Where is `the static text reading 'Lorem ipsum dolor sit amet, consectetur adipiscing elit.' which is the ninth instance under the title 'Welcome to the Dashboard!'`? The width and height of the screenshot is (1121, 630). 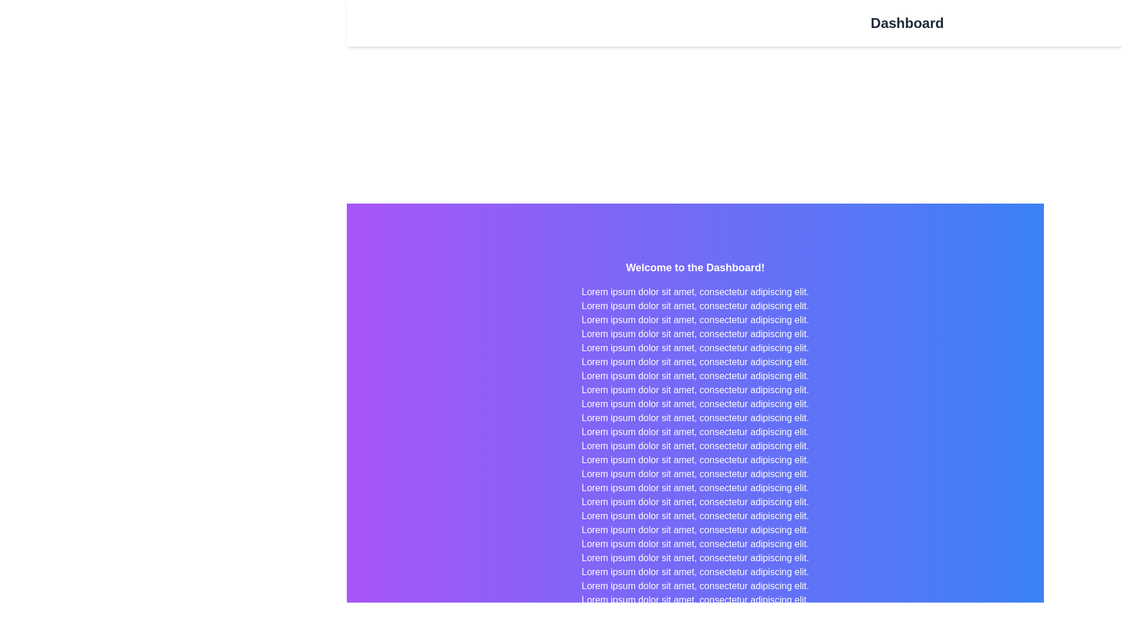
the static text reading 'Lorem ipsum dolor sit amet, consectetur adipiscing elit.' which is the ninth instance under the title 'Welcome to the Dashboard!' is located at coordinates (695, 404).